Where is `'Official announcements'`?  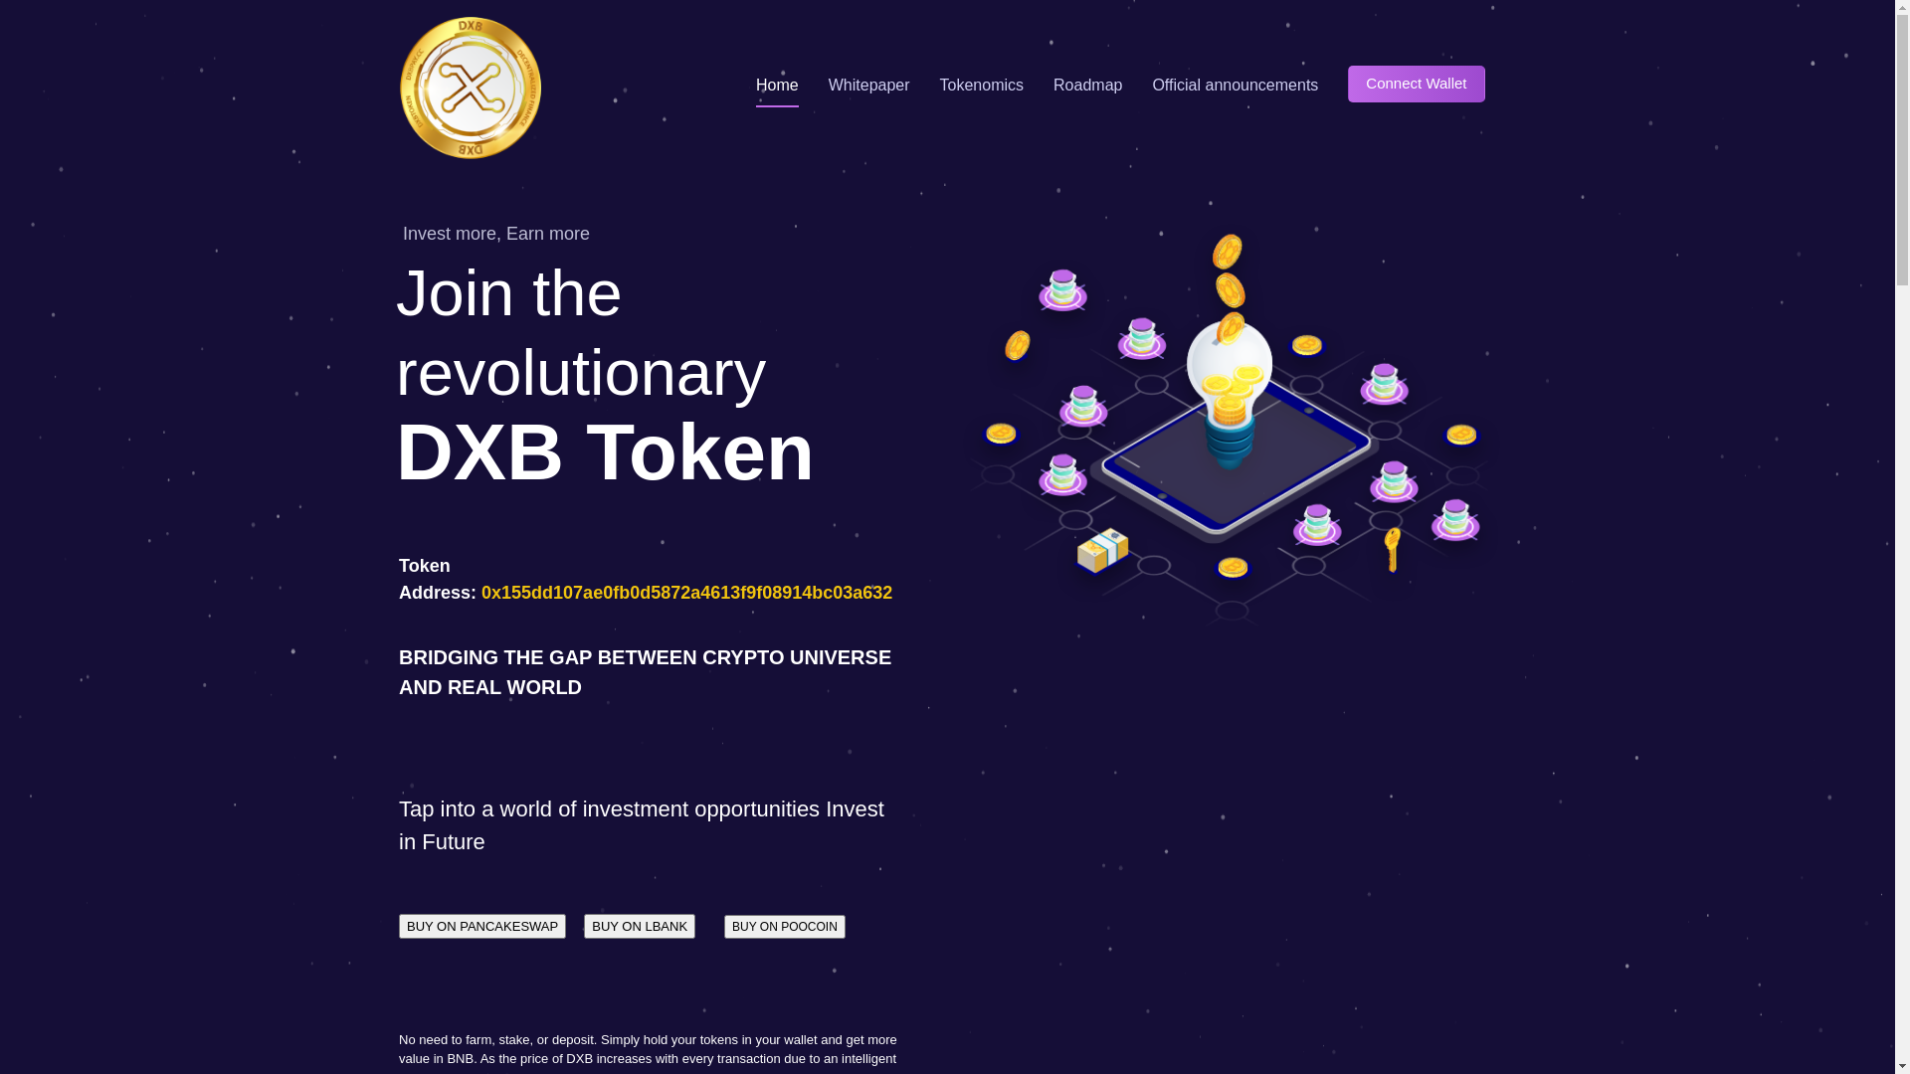
'Official announcements' is located at coordinates (1234, 86).